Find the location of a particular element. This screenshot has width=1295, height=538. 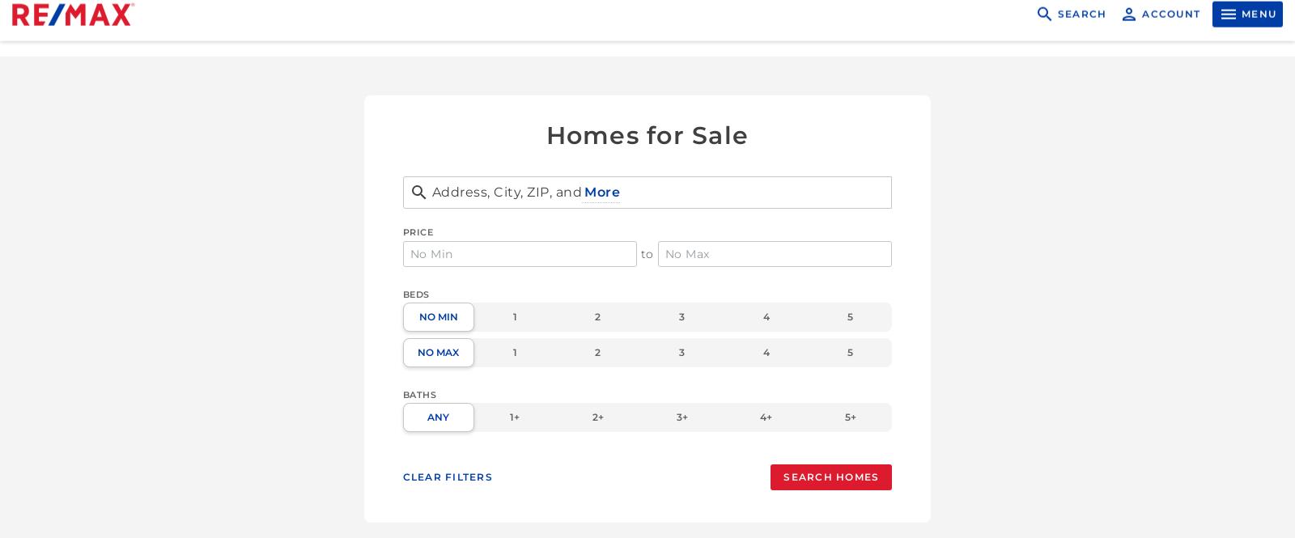

'Menu' is located at coordinates (1259, 29).